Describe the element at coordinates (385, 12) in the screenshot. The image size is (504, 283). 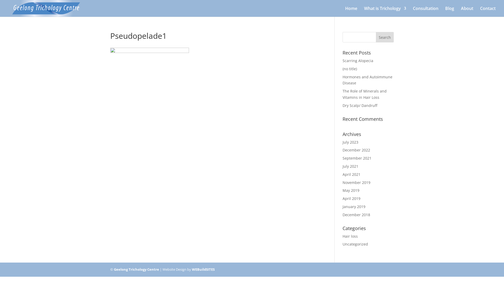
I see `'What is Trichology'` at that location.